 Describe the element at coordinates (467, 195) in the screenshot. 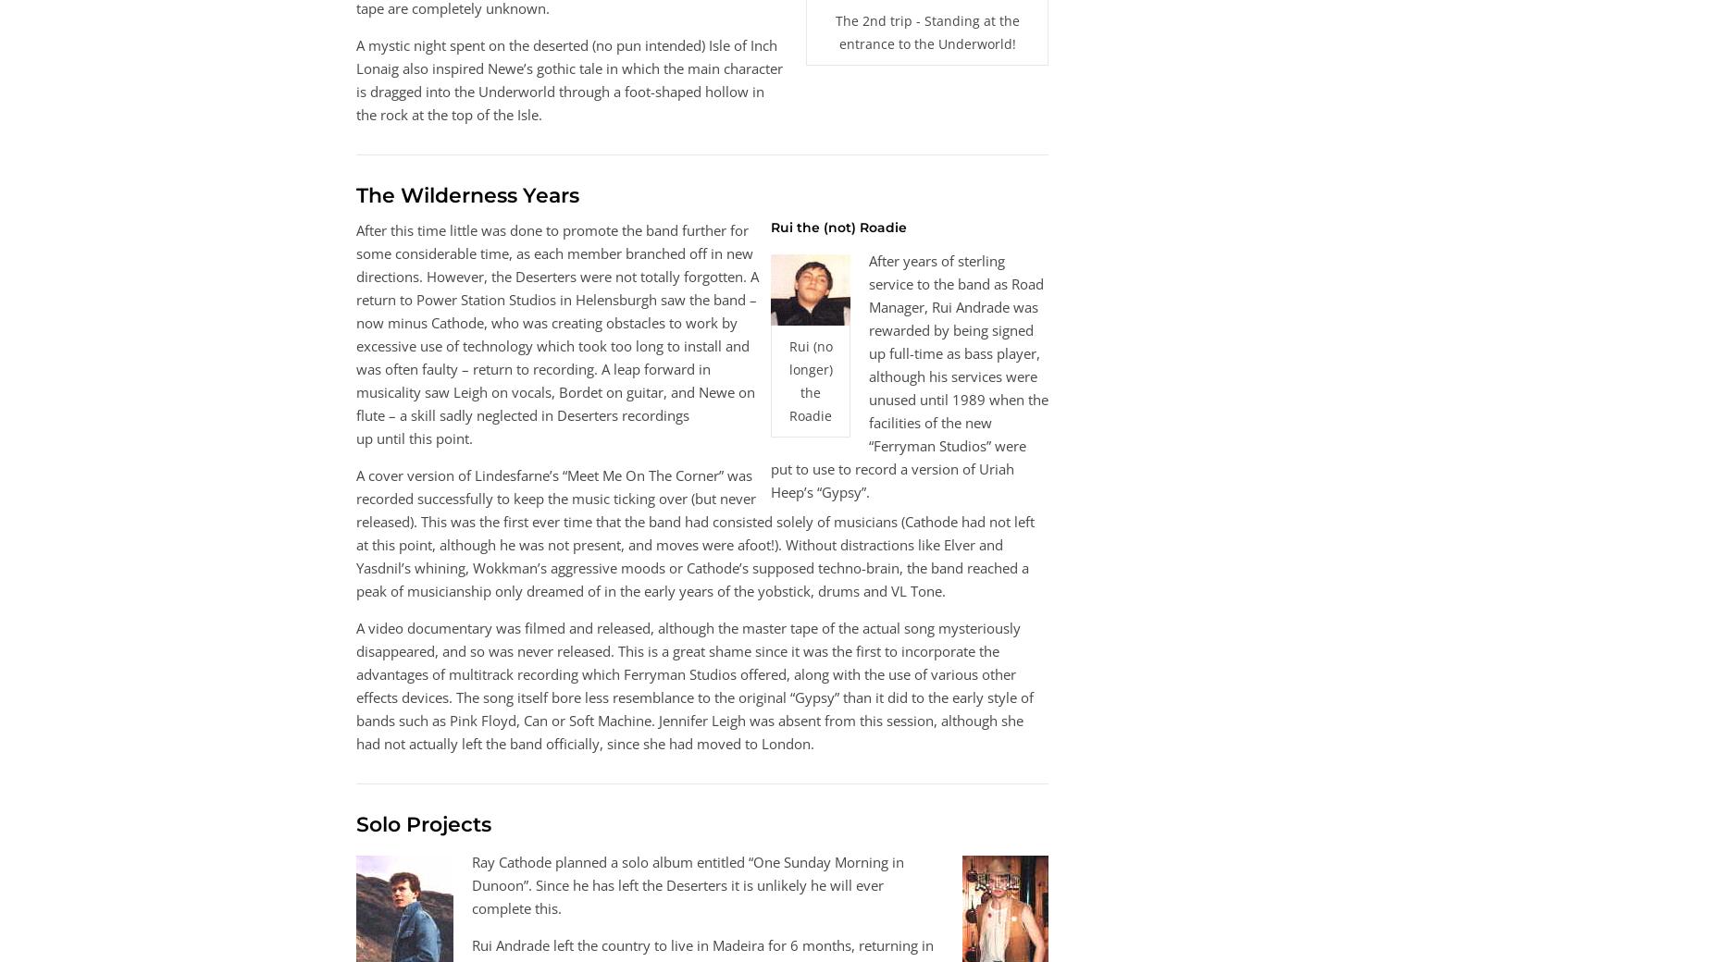

I see `'The Wilderness Years'` at that location.